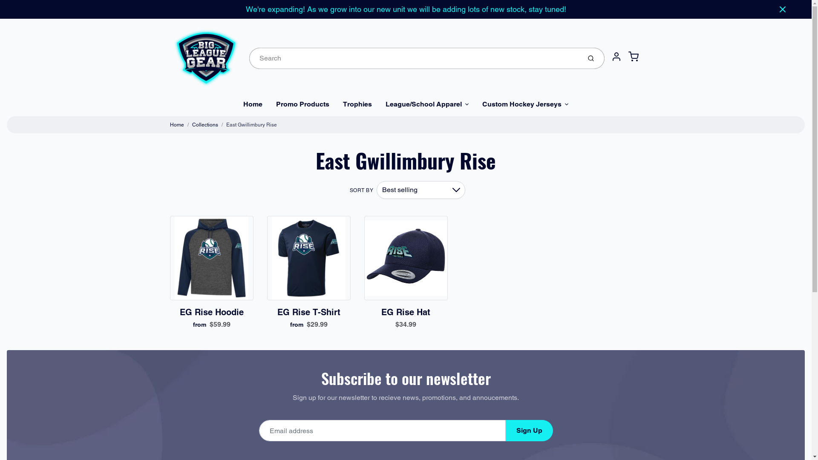 Image resolution: width=818 pixels, height=460 pixels. What do you see at coordinates (525, 104) in the screenshot?
I see `'Custom Hockey Jerseys'` at bounding box center [525, 104].